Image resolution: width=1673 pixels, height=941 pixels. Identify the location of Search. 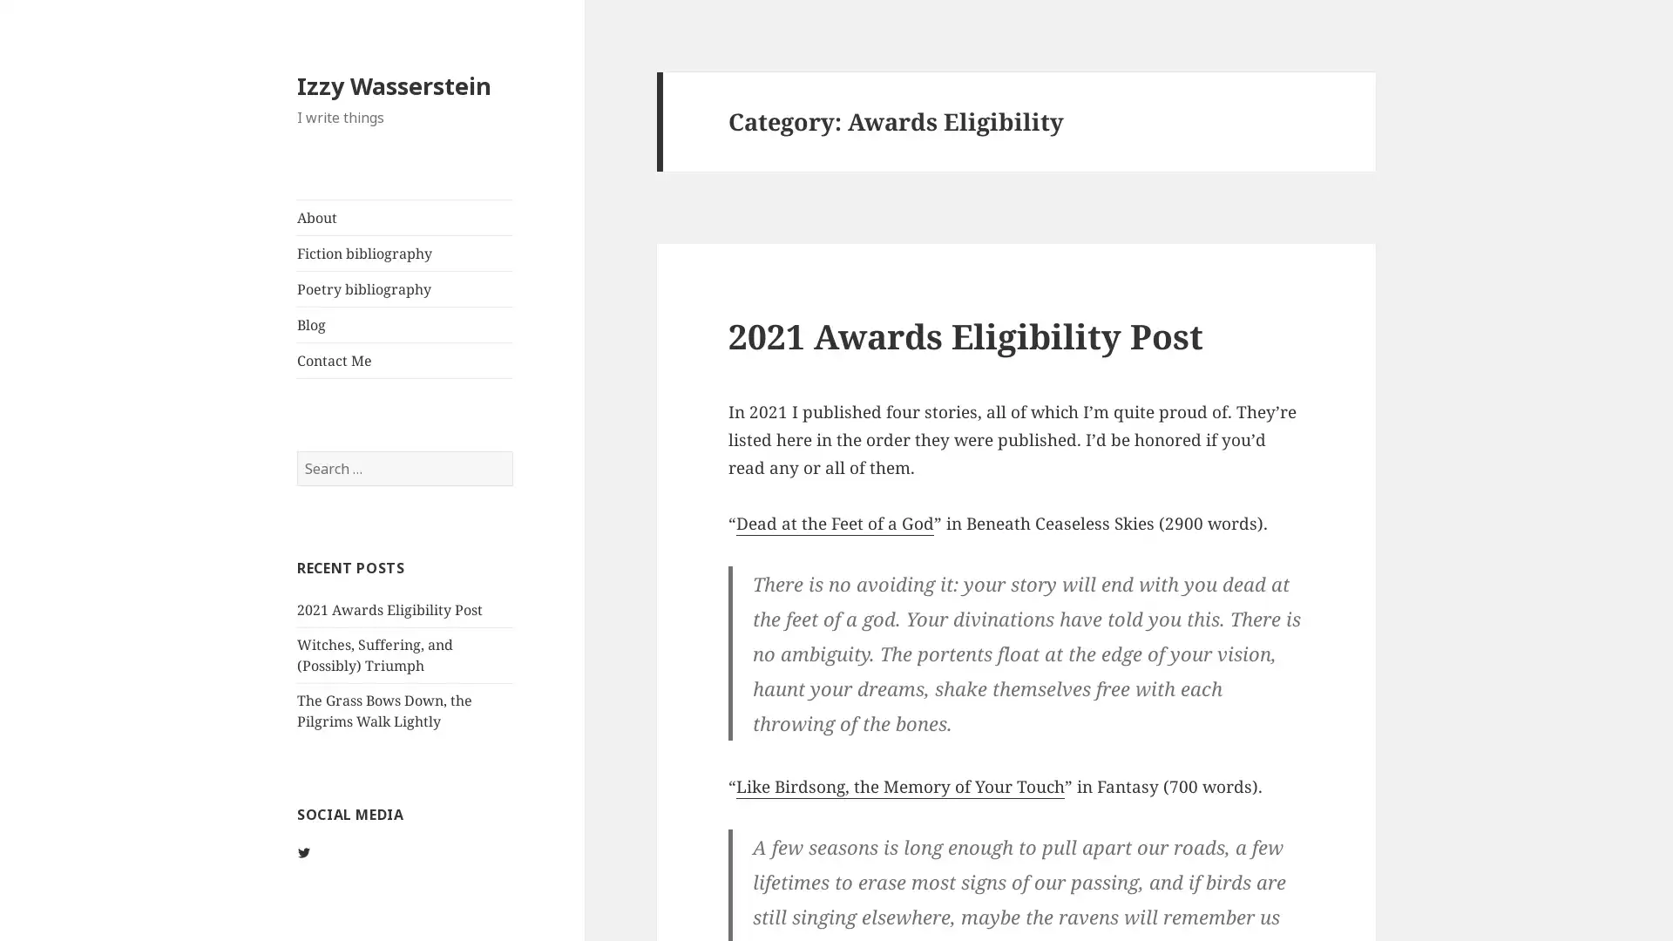
(511, 449).